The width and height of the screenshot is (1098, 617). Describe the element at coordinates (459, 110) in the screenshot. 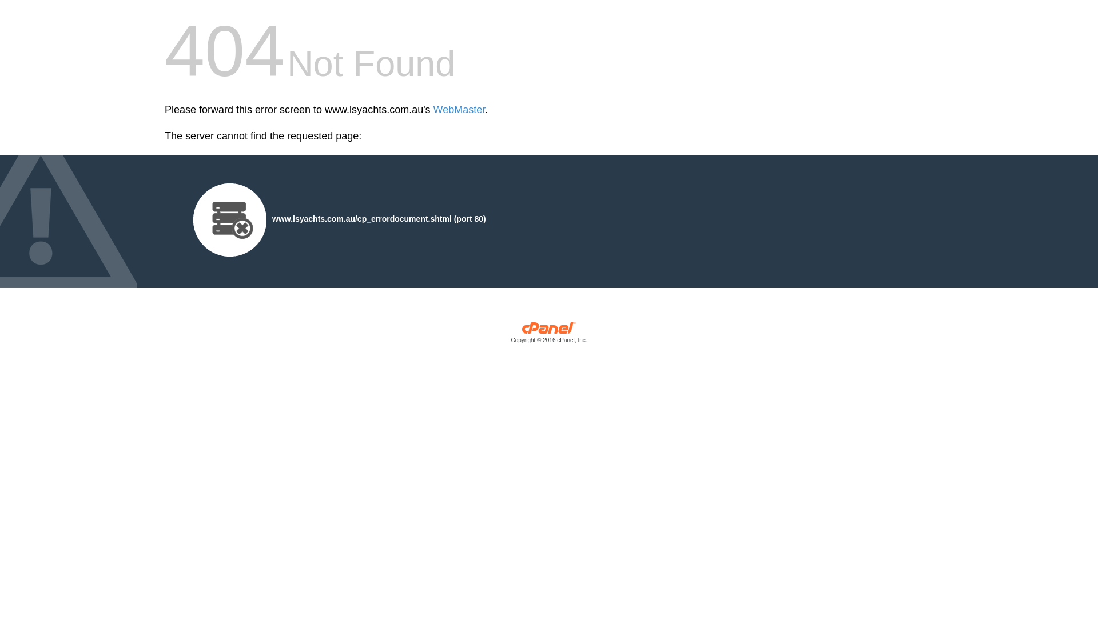

I see `'WebMaster'` at that location.